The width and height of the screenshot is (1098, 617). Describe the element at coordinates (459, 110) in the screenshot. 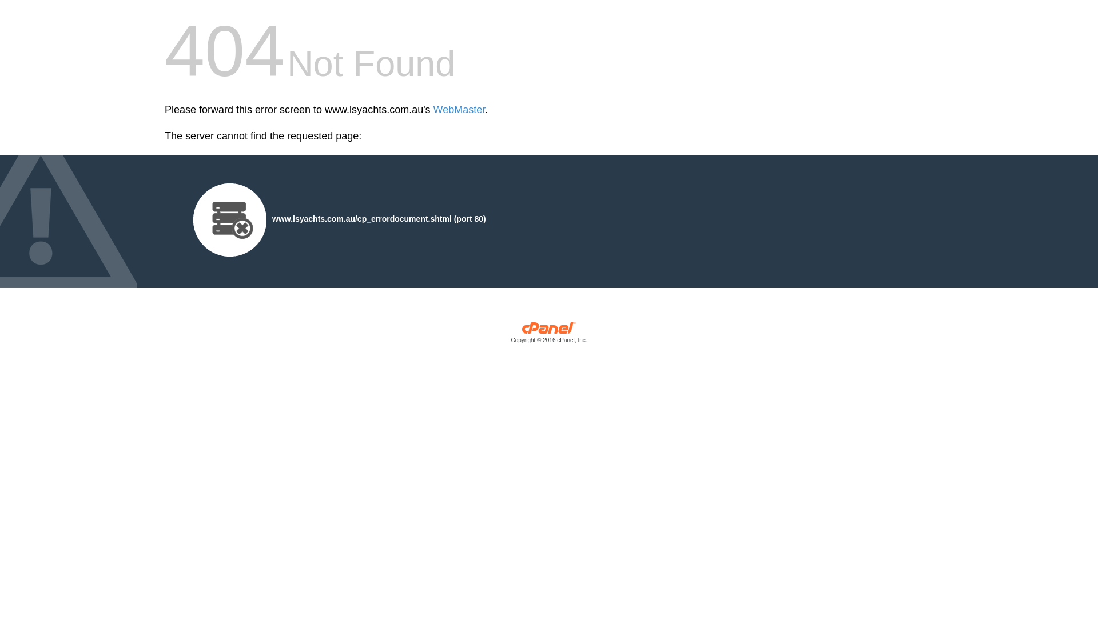

I see `'WebMaster'` at that location.